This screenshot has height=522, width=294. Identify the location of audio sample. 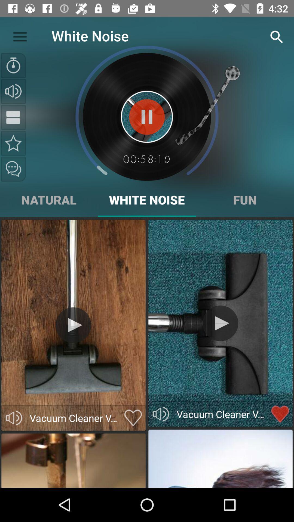
(14, 418).